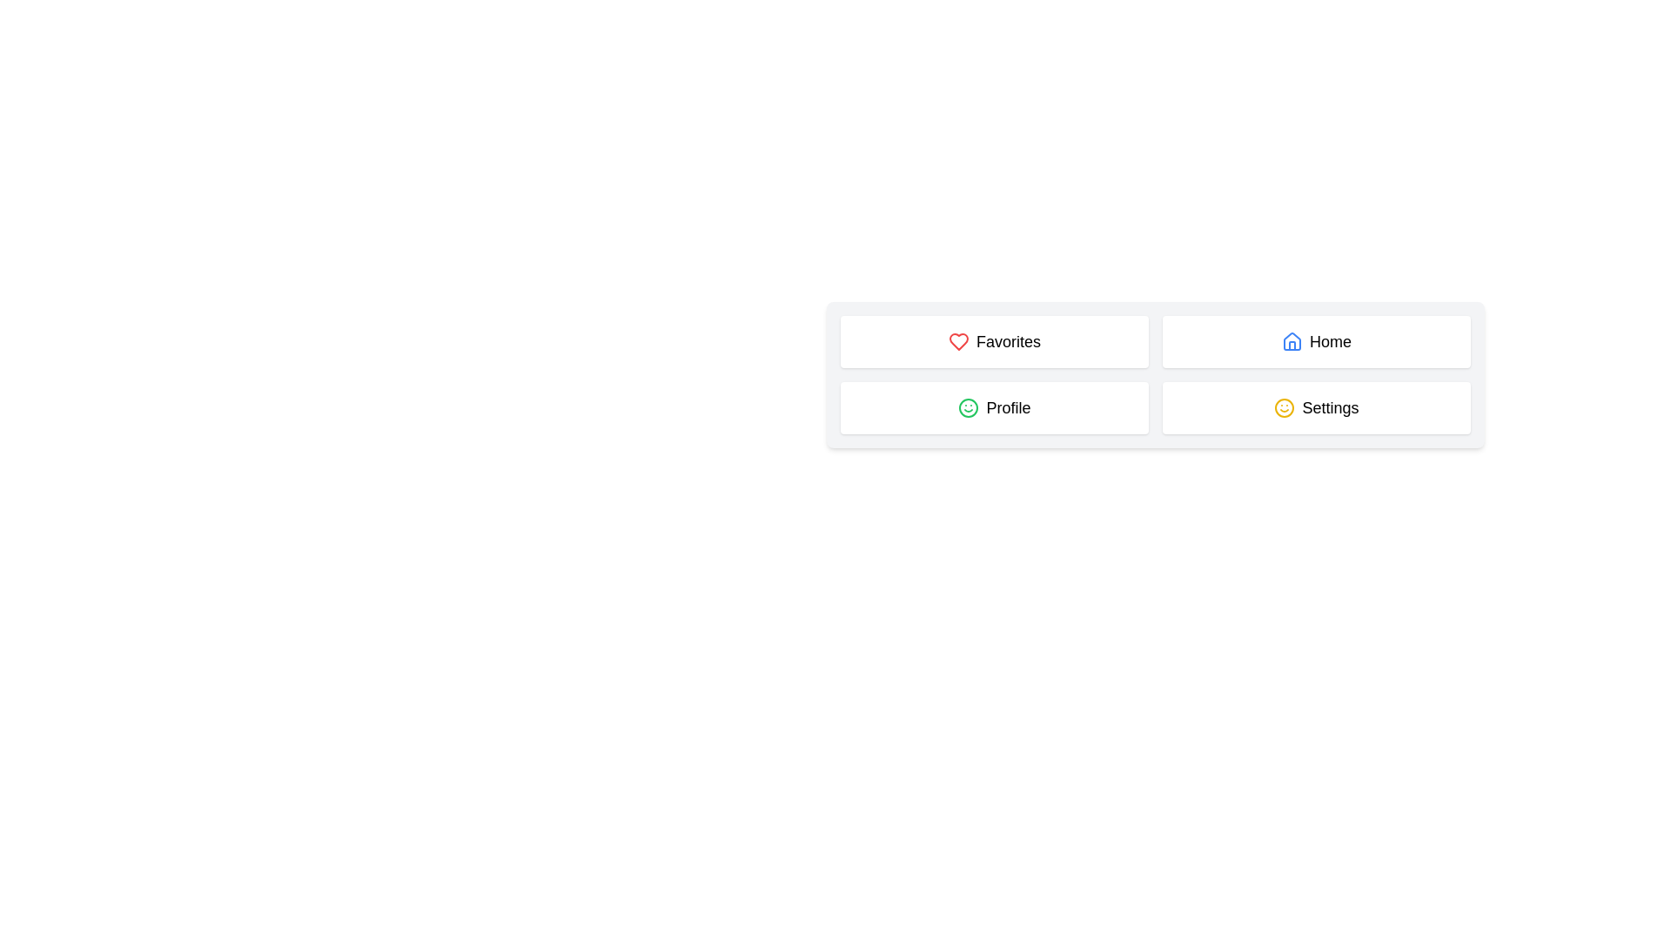  I want to click on the Decorative Icon that visually represents the 'Profile' section, located in the bottom-left quadrant of the grid structure, so click(968, 408).